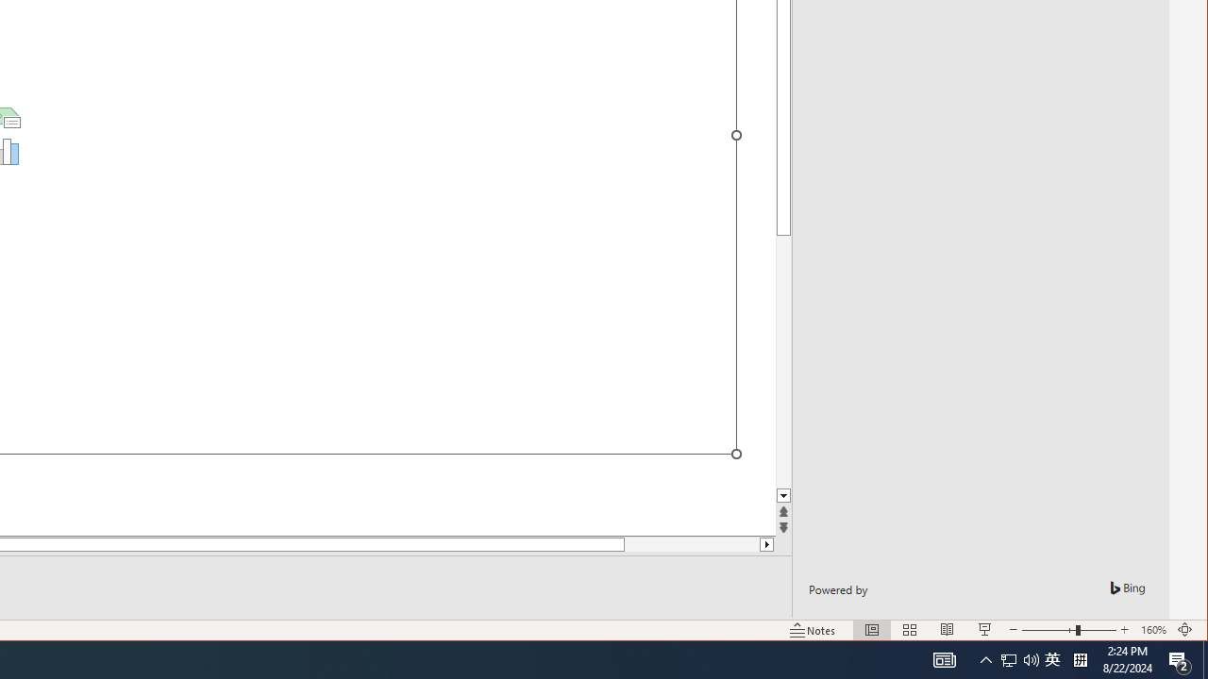  Describe the element at coordinates (944, 658) in the screenshot. I see `'AutomationID: 4105'` at that location.